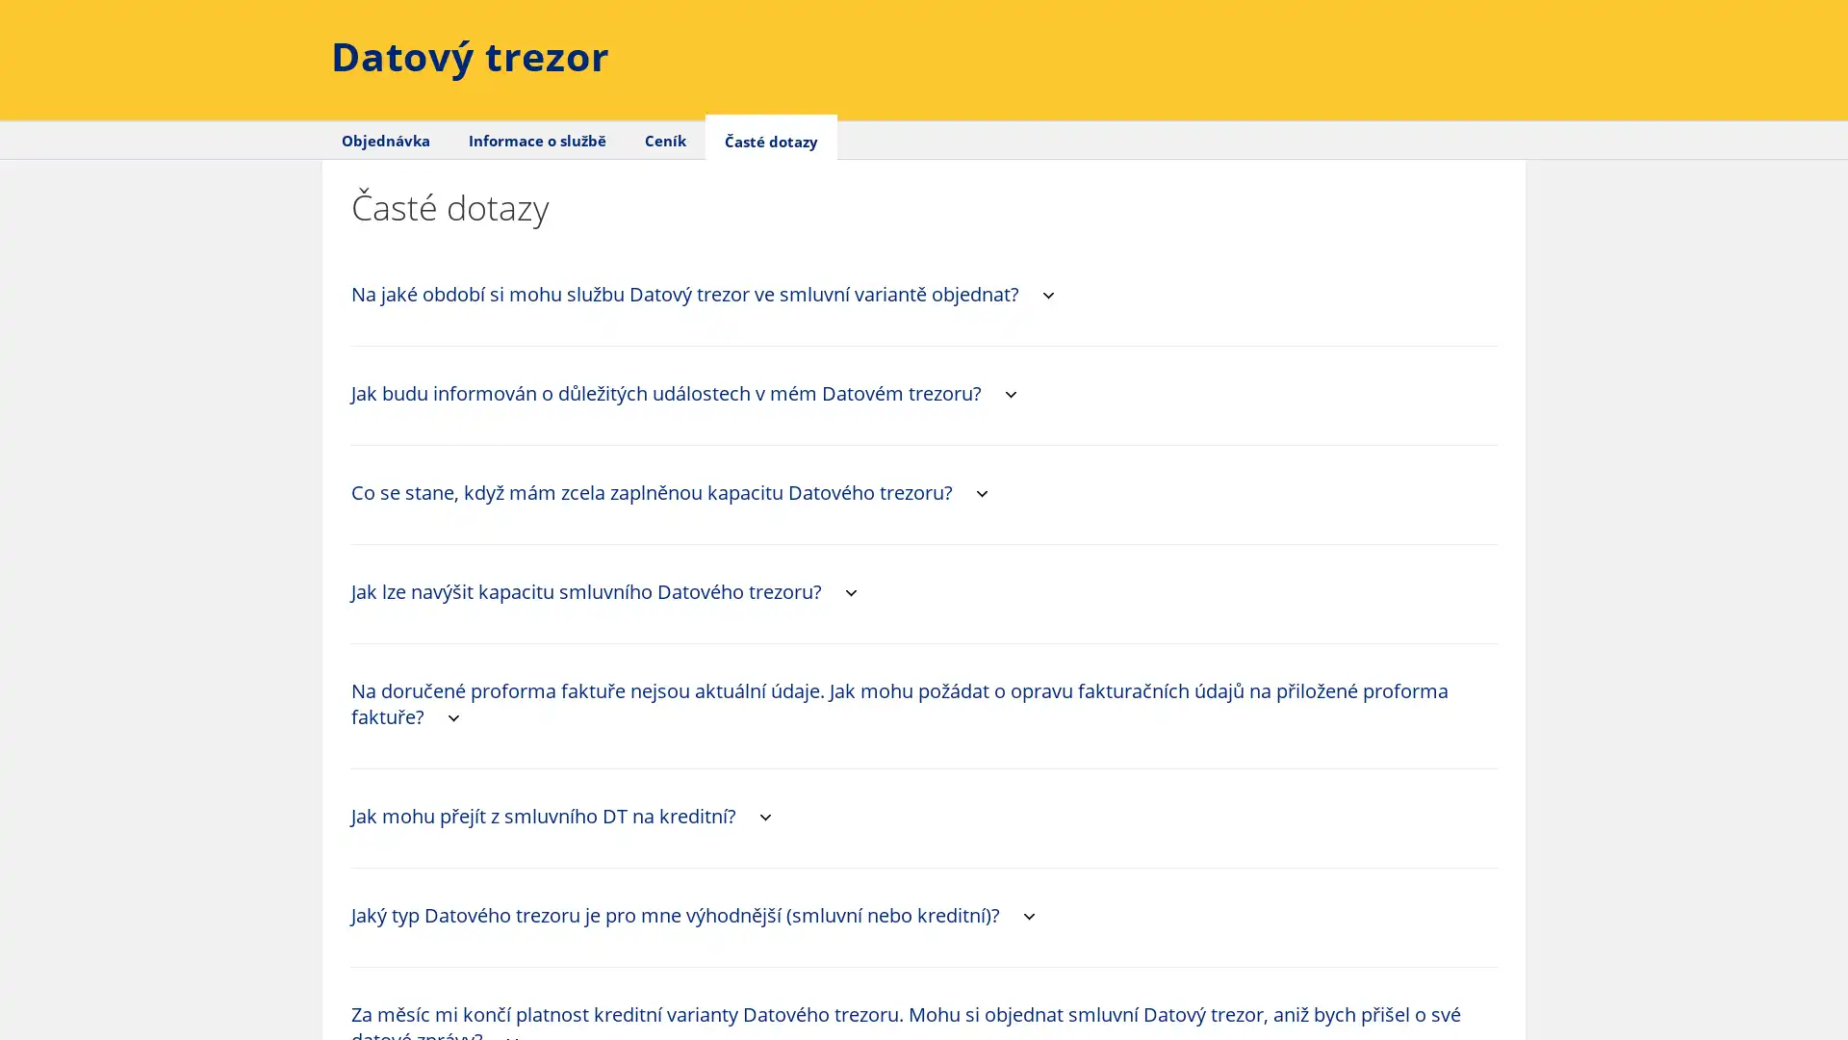 The image size is (1848, 1040). What do you see at coordinates (603, 589) in the screenshot?
I see `Jak lze navysit kapacitu smluvniho Datoveho trezoru? collapse-arrow` at bounding box center [603, 589].